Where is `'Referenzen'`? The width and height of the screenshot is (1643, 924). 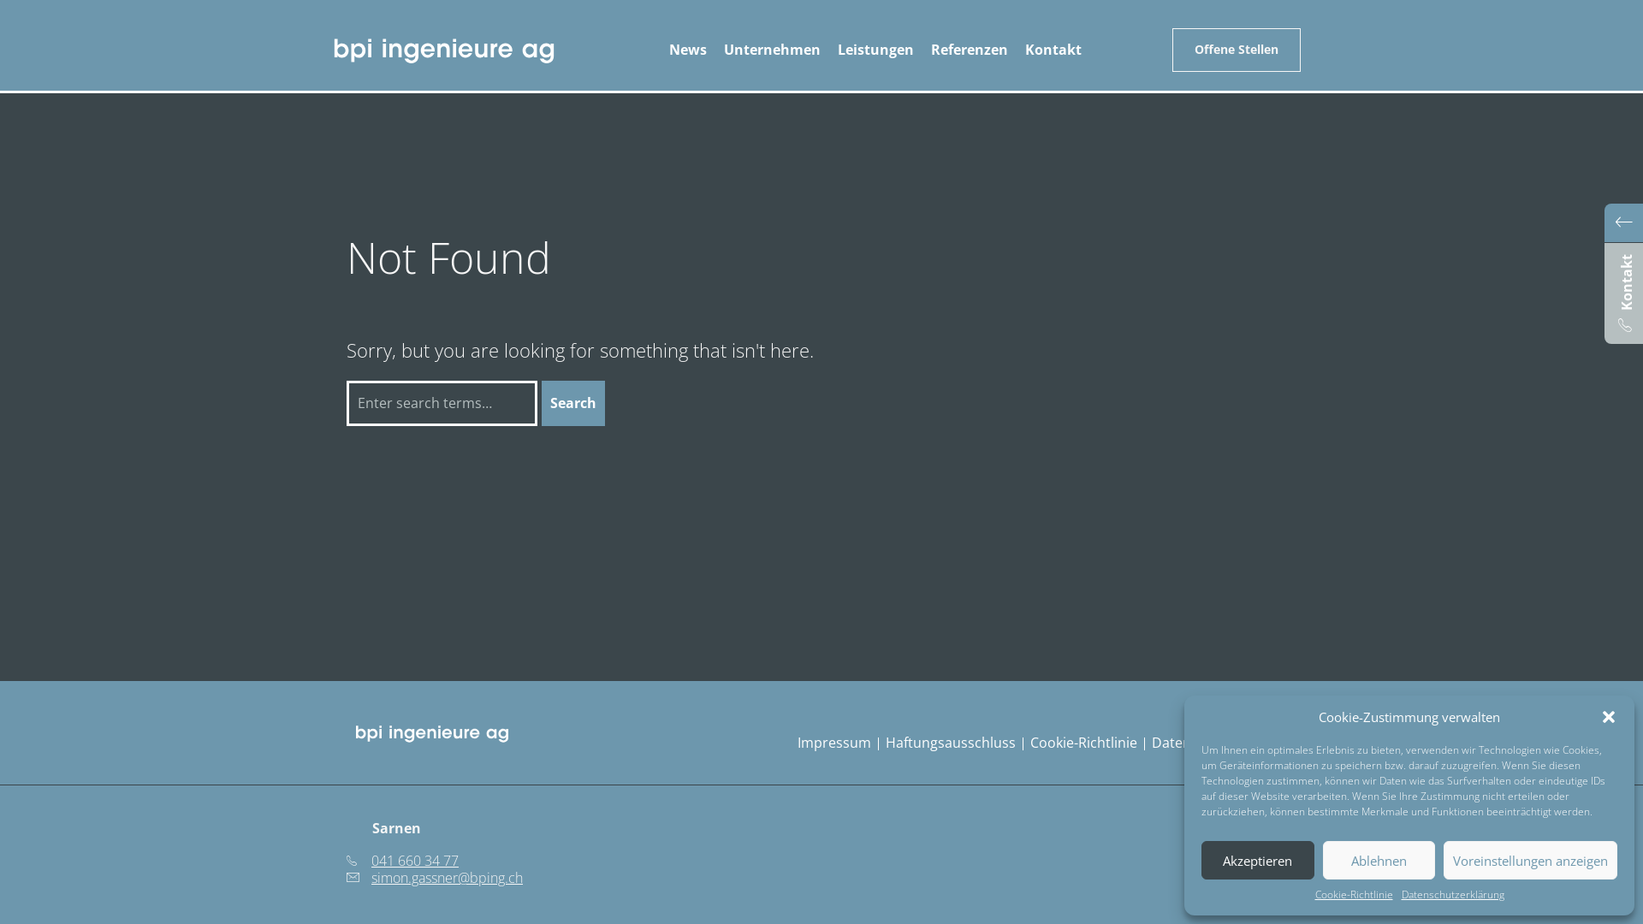 'Referenzen' is located at coordinates (969, 49).